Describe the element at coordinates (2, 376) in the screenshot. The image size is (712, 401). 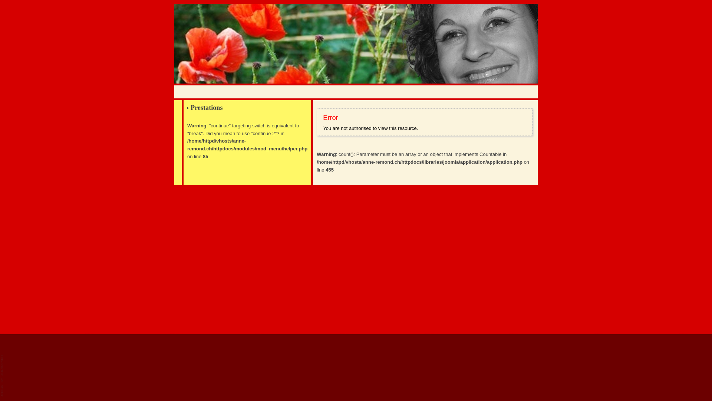
I see `'JoomSpirit'` at that location.